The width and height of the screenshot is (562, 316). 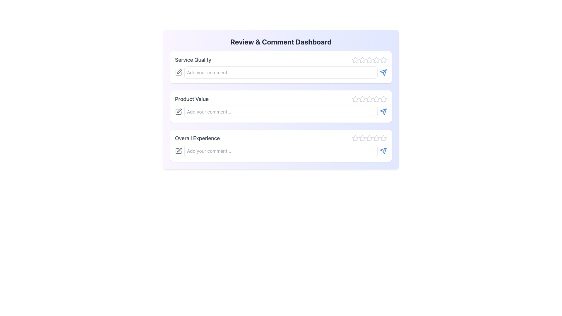 What do you see at coordinates (376, 138) in the screenshot?
I see `the fifth hollow gray star in the Overall Experience rating bar` at bounding box center [376, 138].